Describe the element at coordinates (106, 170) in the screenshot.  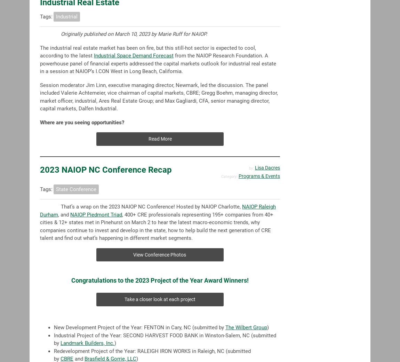
I see `'2023 NAIOP NC Conference Recap'` at that location.